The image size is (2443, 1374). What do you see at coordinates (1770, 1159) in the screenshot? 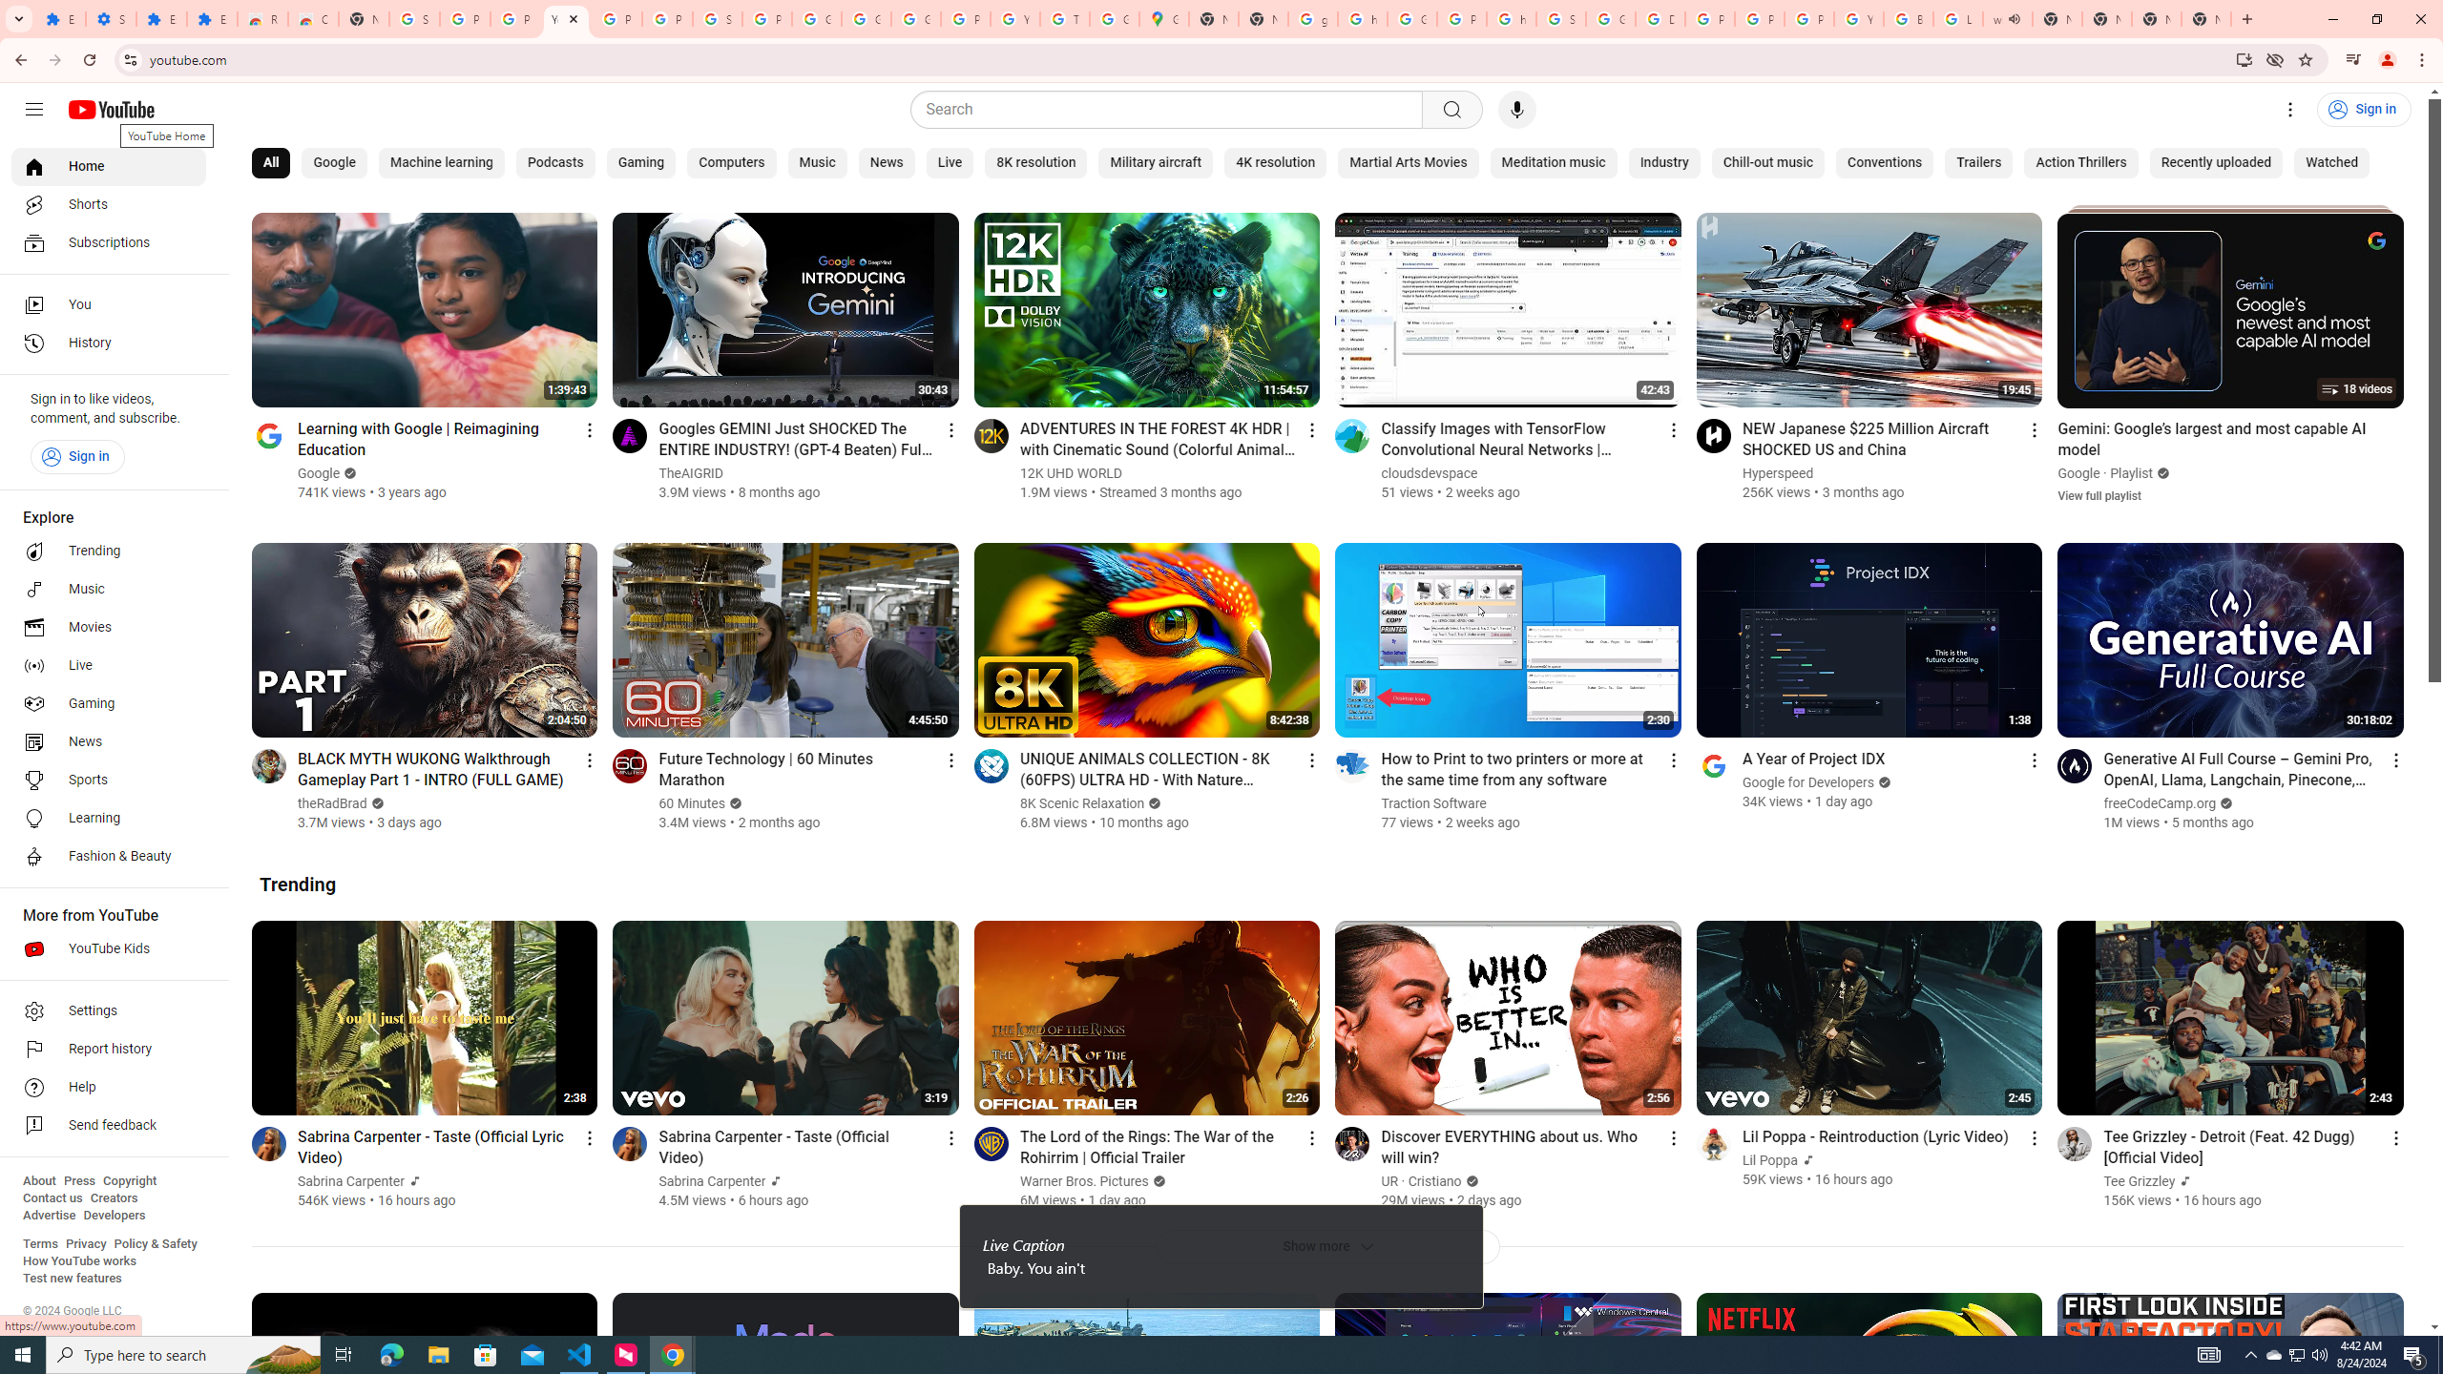
I see `'Lil Poppa'` at bounding box center [1770, 1159].